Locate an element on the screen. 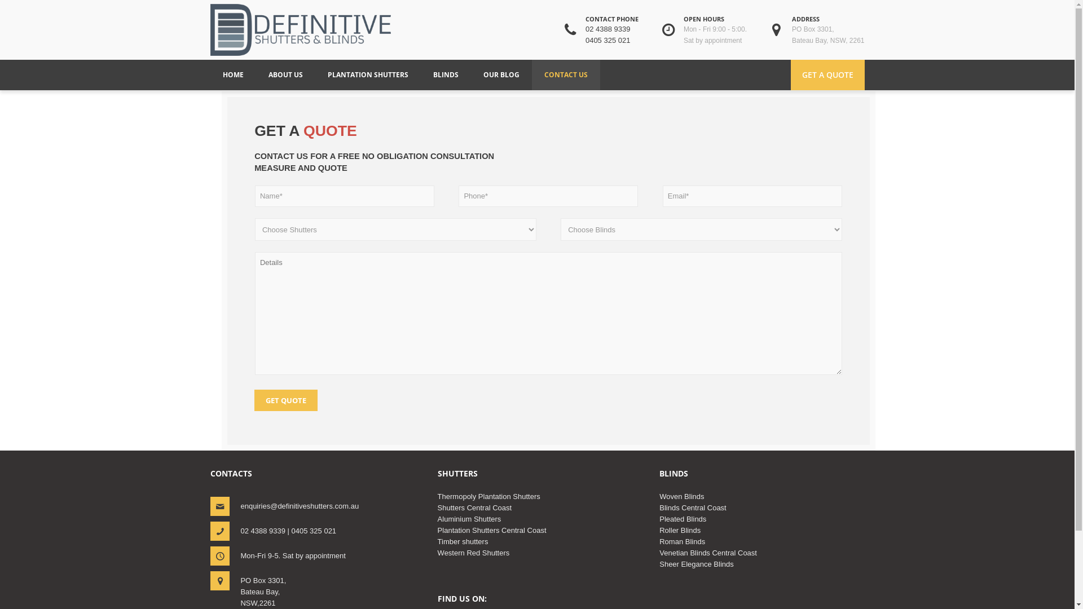  'enquiries@definitiveshutters.com.au' is located at coordinates (300, 505).